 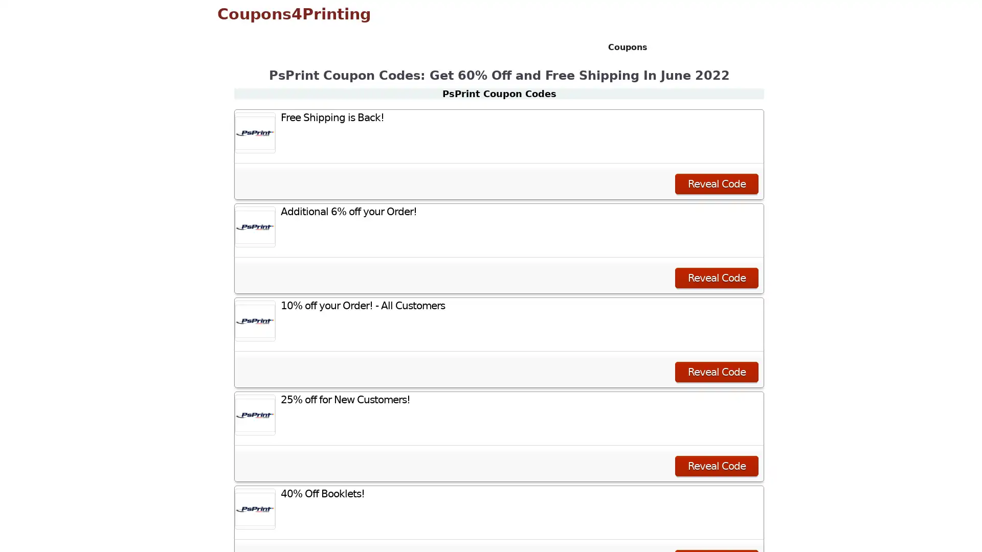 What do you see at coordinates (716, 372) in the screenshot?
I see `Reveal Code` at bounding box center [716, 372].